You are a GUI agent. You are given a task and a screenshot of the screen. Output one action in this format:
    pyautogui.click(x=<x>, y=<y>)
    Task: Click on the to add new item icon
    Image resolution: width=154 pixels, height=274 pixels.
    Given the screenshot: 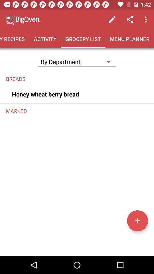 What is the action you would take?
    pyautogui.click(x=137, y=220)
    